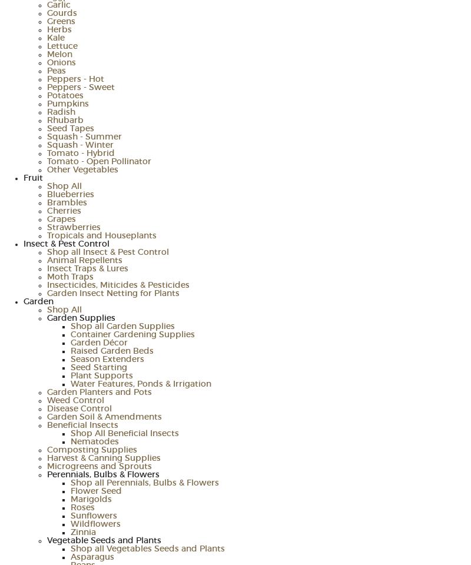 This screenshot has height=565, width=471. I want to click on 'Shop all Insect & Pest Control', so click(107, 251).